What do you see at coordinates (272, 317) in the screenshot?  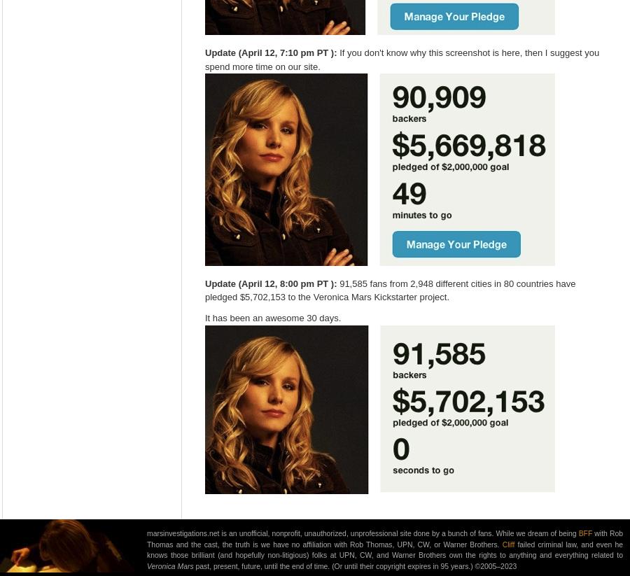 I see `'It has been an awesome 30 days.'` at bounding box center [272, 317].